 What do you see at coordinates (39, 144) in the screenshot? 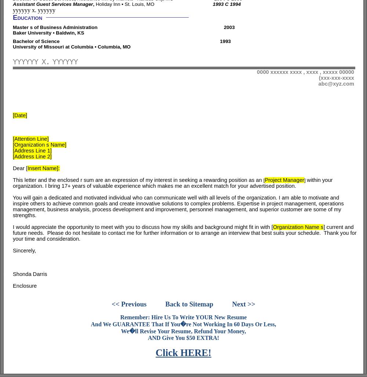
I see `'[Organization  s Name]'` at bounding box center [39, 144].